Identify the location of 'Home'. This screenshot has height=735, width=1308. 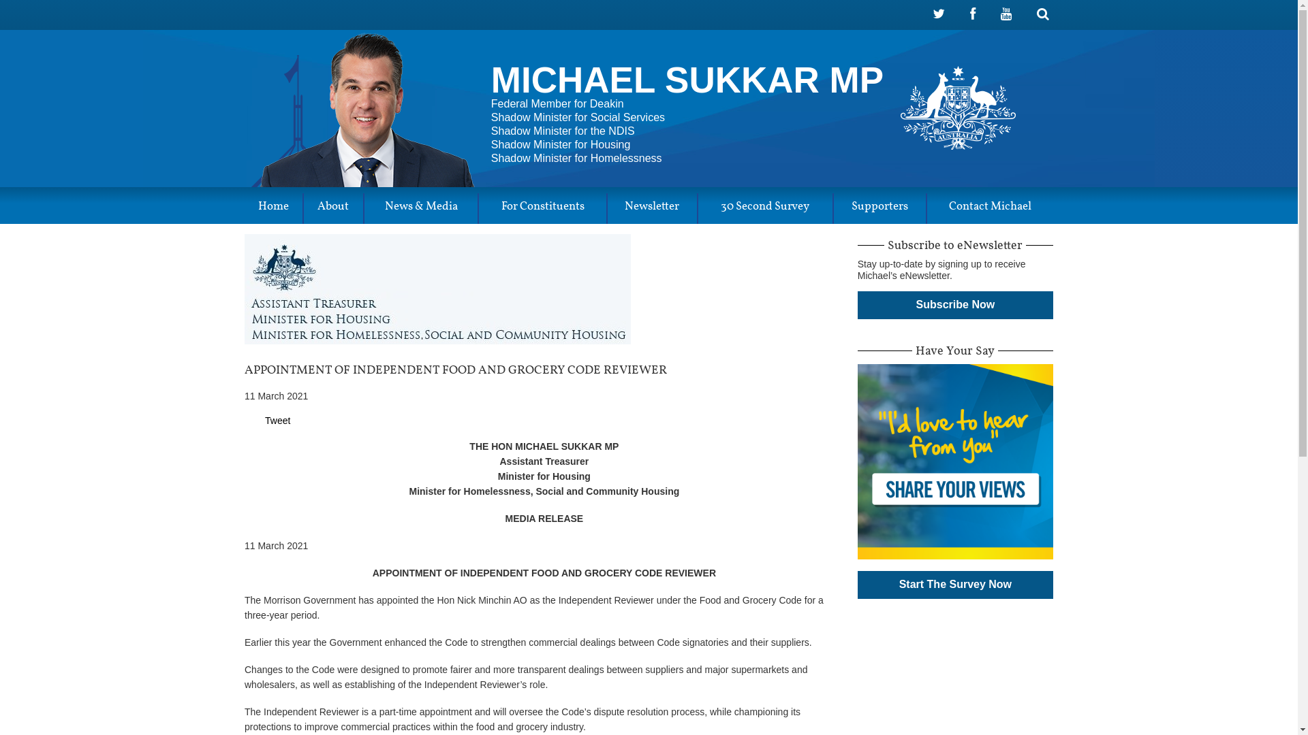
(272, 208).